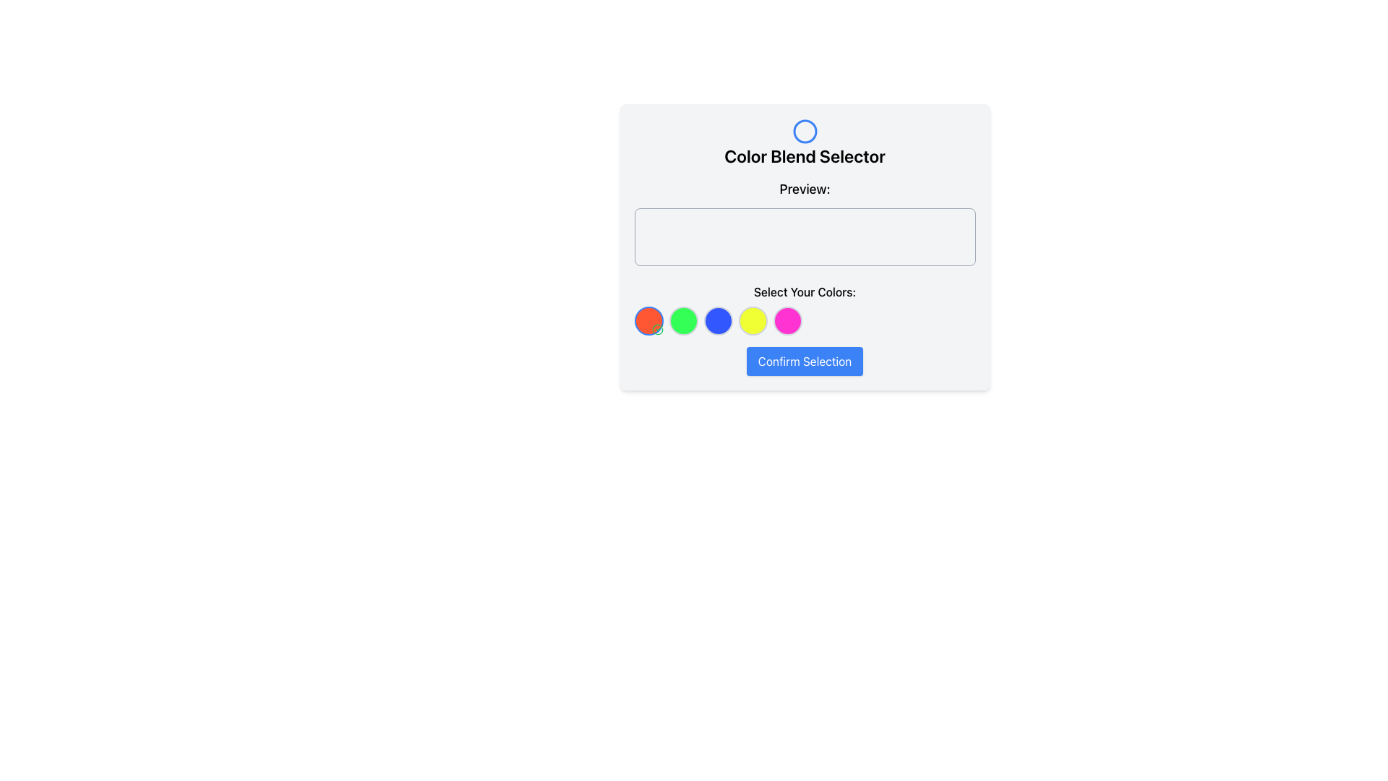 This screenshot has width=1388, height=781. Describe the element at coordinates (682, 320) in the screenshot. I see `the circular green button located in the 'Select Your Colors' section` at that location.